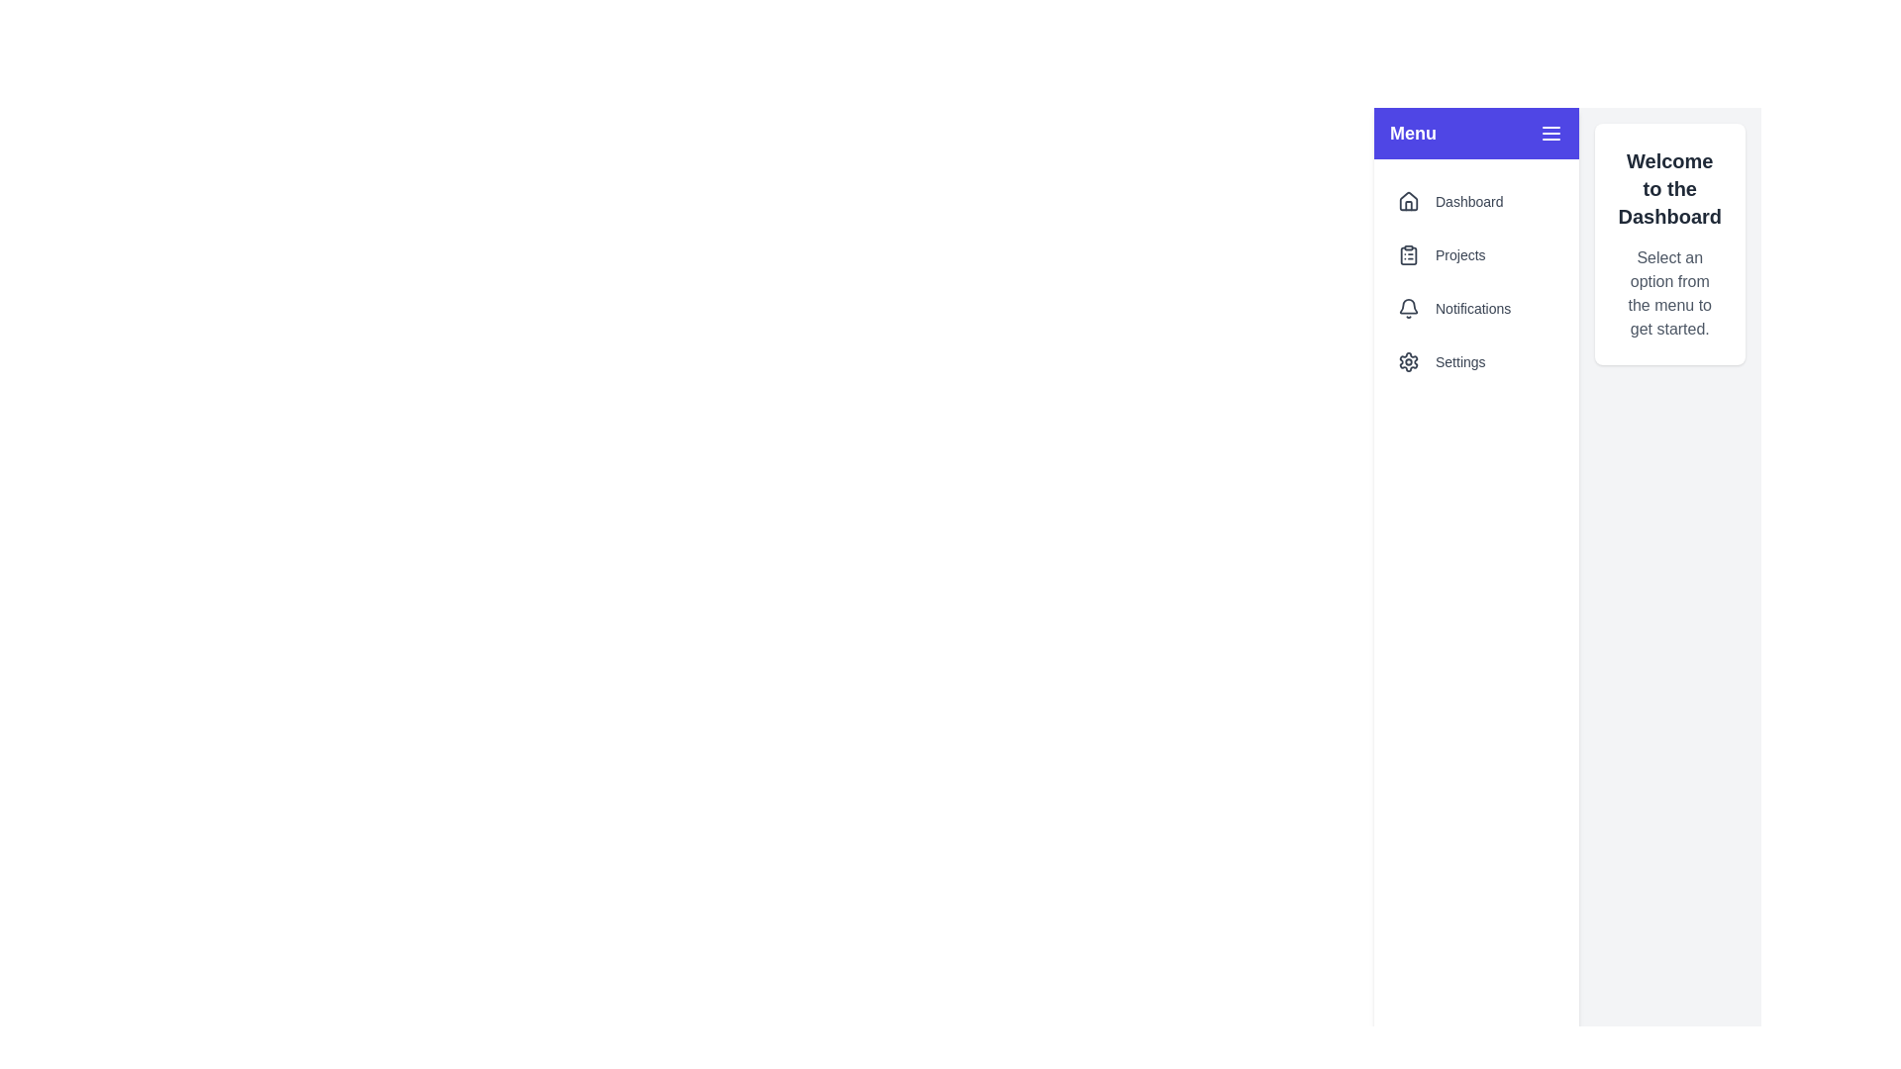  Describe the element at coordinates (1476, 309) in the screenshot. I see `the menu item labeled Notifications` at that location.